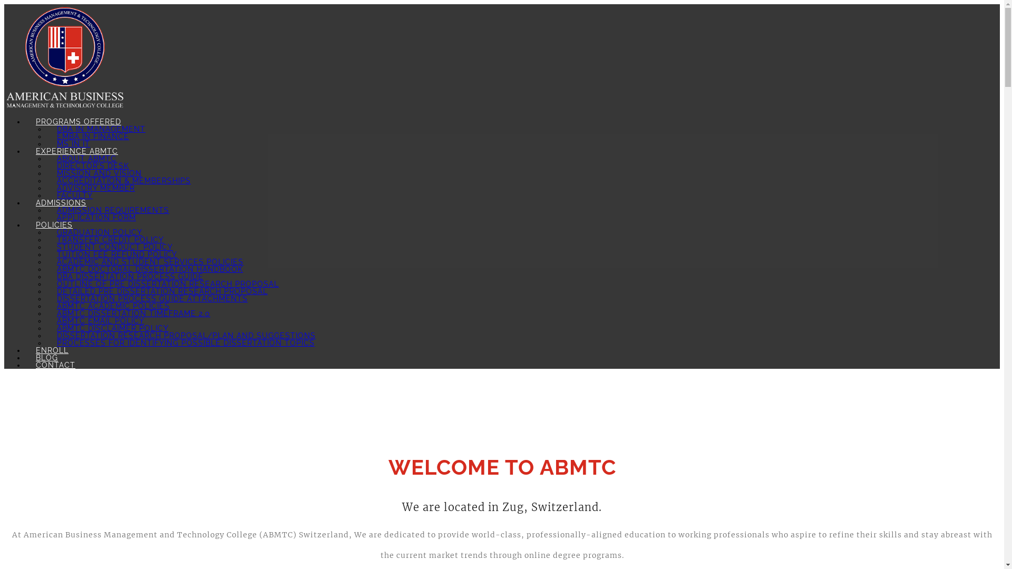  Describe the element at coordinates (46, 357) in the screenshot. I see `'BLOG'` at that location.